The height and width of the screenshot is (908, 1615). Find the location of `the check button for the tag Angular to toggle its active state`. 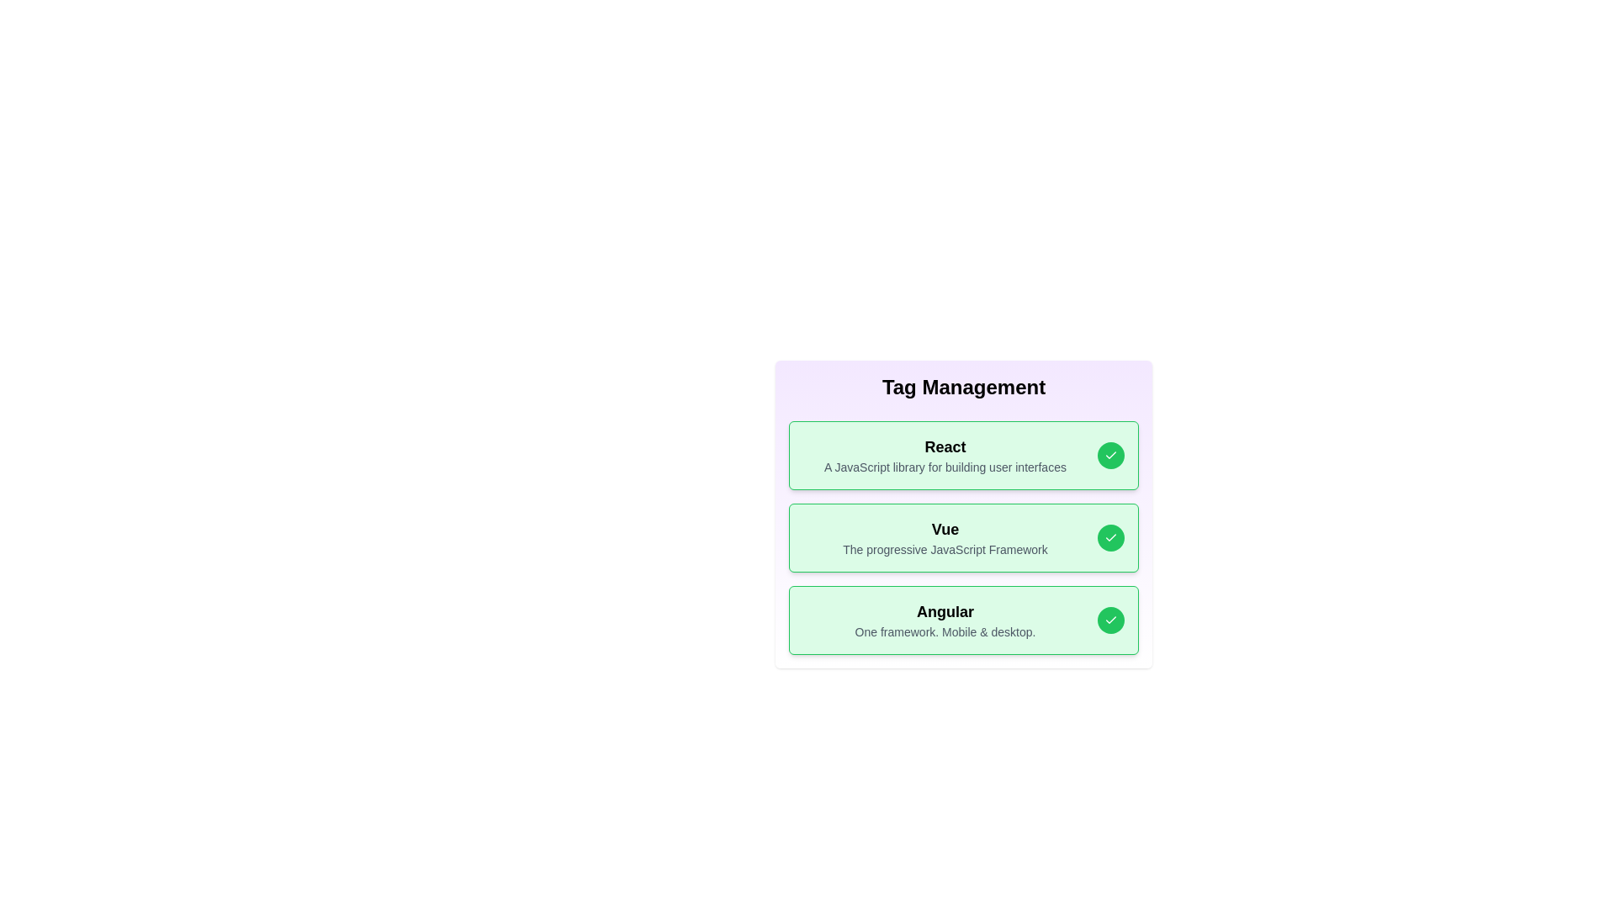

the check button for the tag Angular to toggle its active state is located at coordinates (1110, 620).